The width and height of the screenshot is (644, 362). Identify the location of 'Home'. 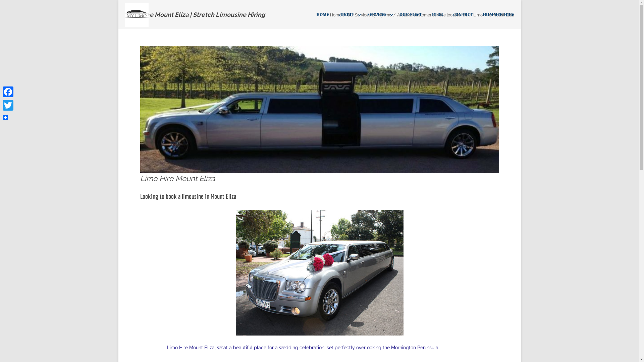
(336, 15).